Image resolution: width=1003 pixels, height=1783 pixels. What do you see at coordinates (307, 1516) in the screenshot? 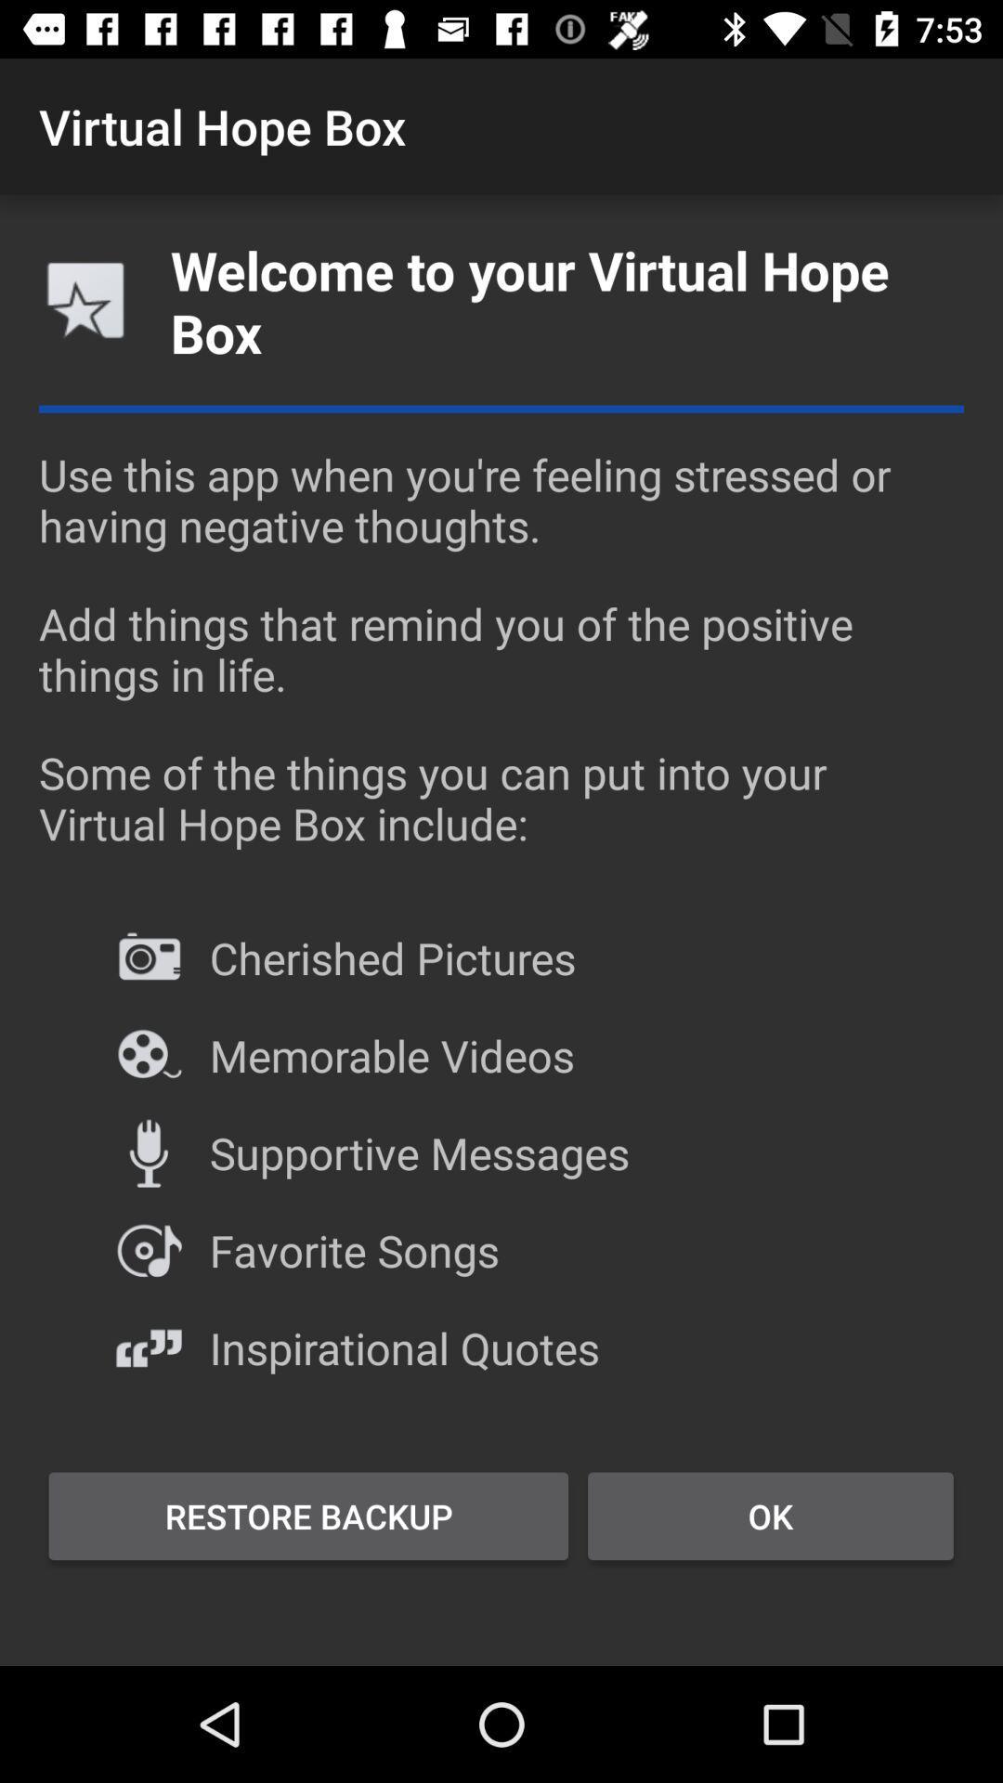
I see `item next to the ok icon` at bounding box center [307, 1516].